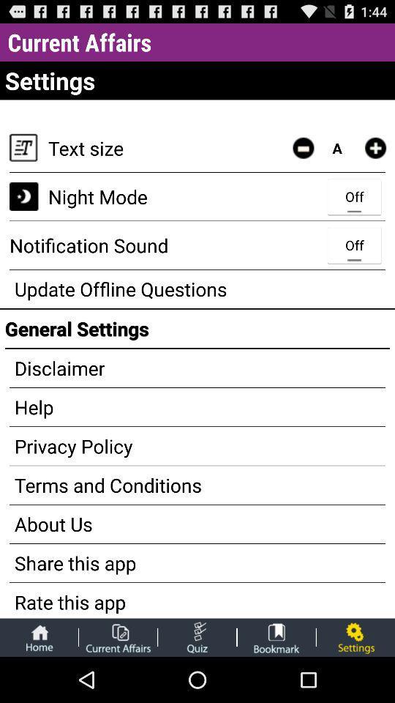 This screenshot has width=395, height=703. Describe the element at coordinates (197, 636) in the screenshot. I see `take a quiz` at that location.